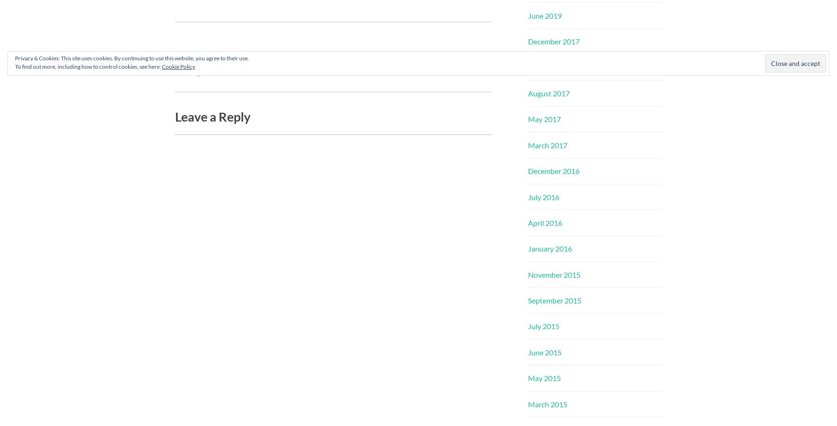 Image resolution: width=837 pixels, height=426 pixels. I want to click on 'July 2015', so click(543, 325).